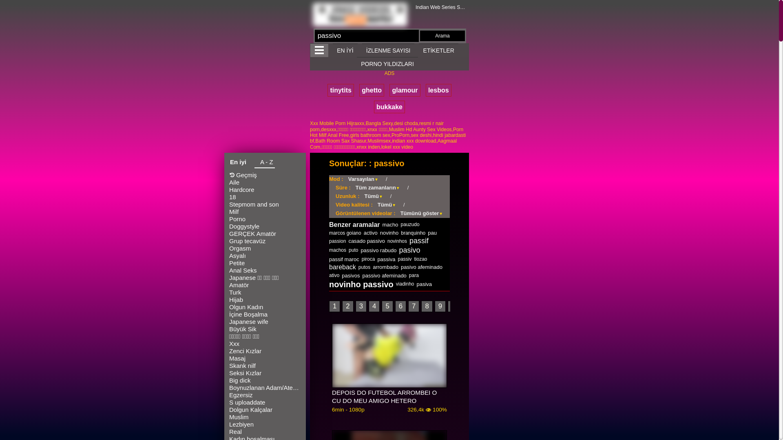 This screenshot has width=783, height=440. I want to click on 'S uploaddate', so click(265, 402).